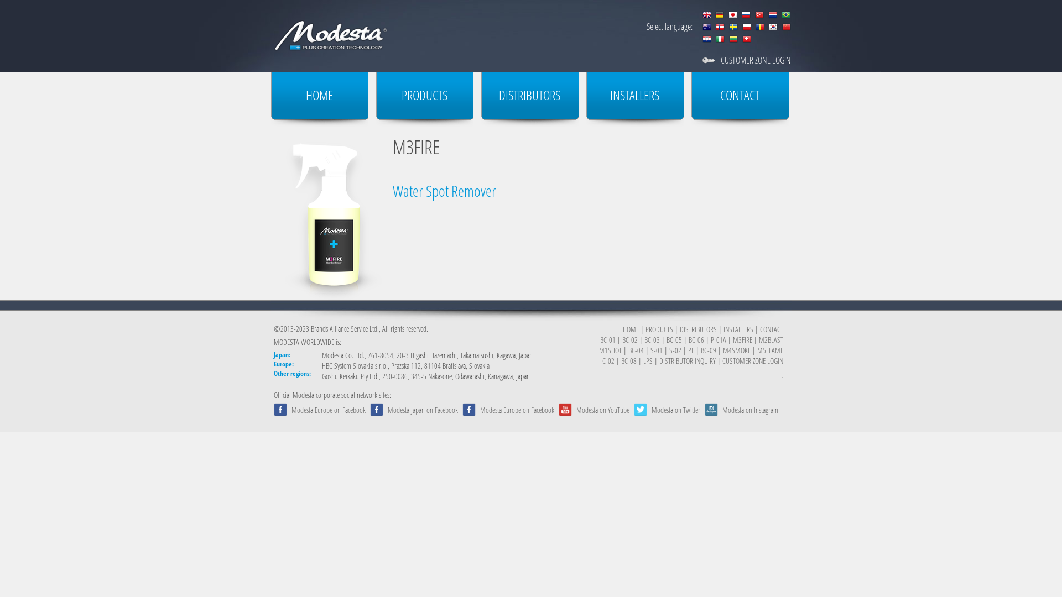  I want to click on 'M5FLAME', so click(769, 350).